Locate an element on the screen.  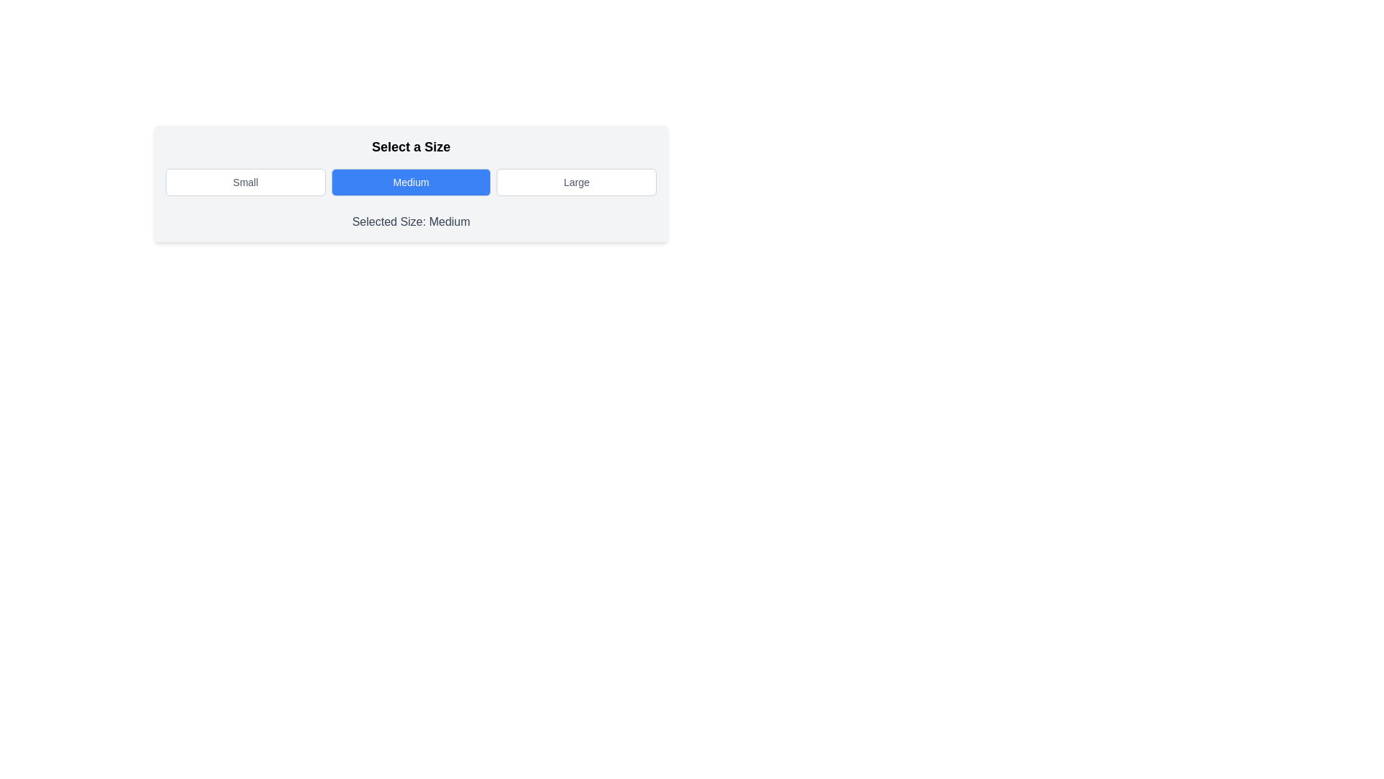
the segmented button group labeled 'Small', 'Medium', and 'Large' is located at coordinates (410, 182).